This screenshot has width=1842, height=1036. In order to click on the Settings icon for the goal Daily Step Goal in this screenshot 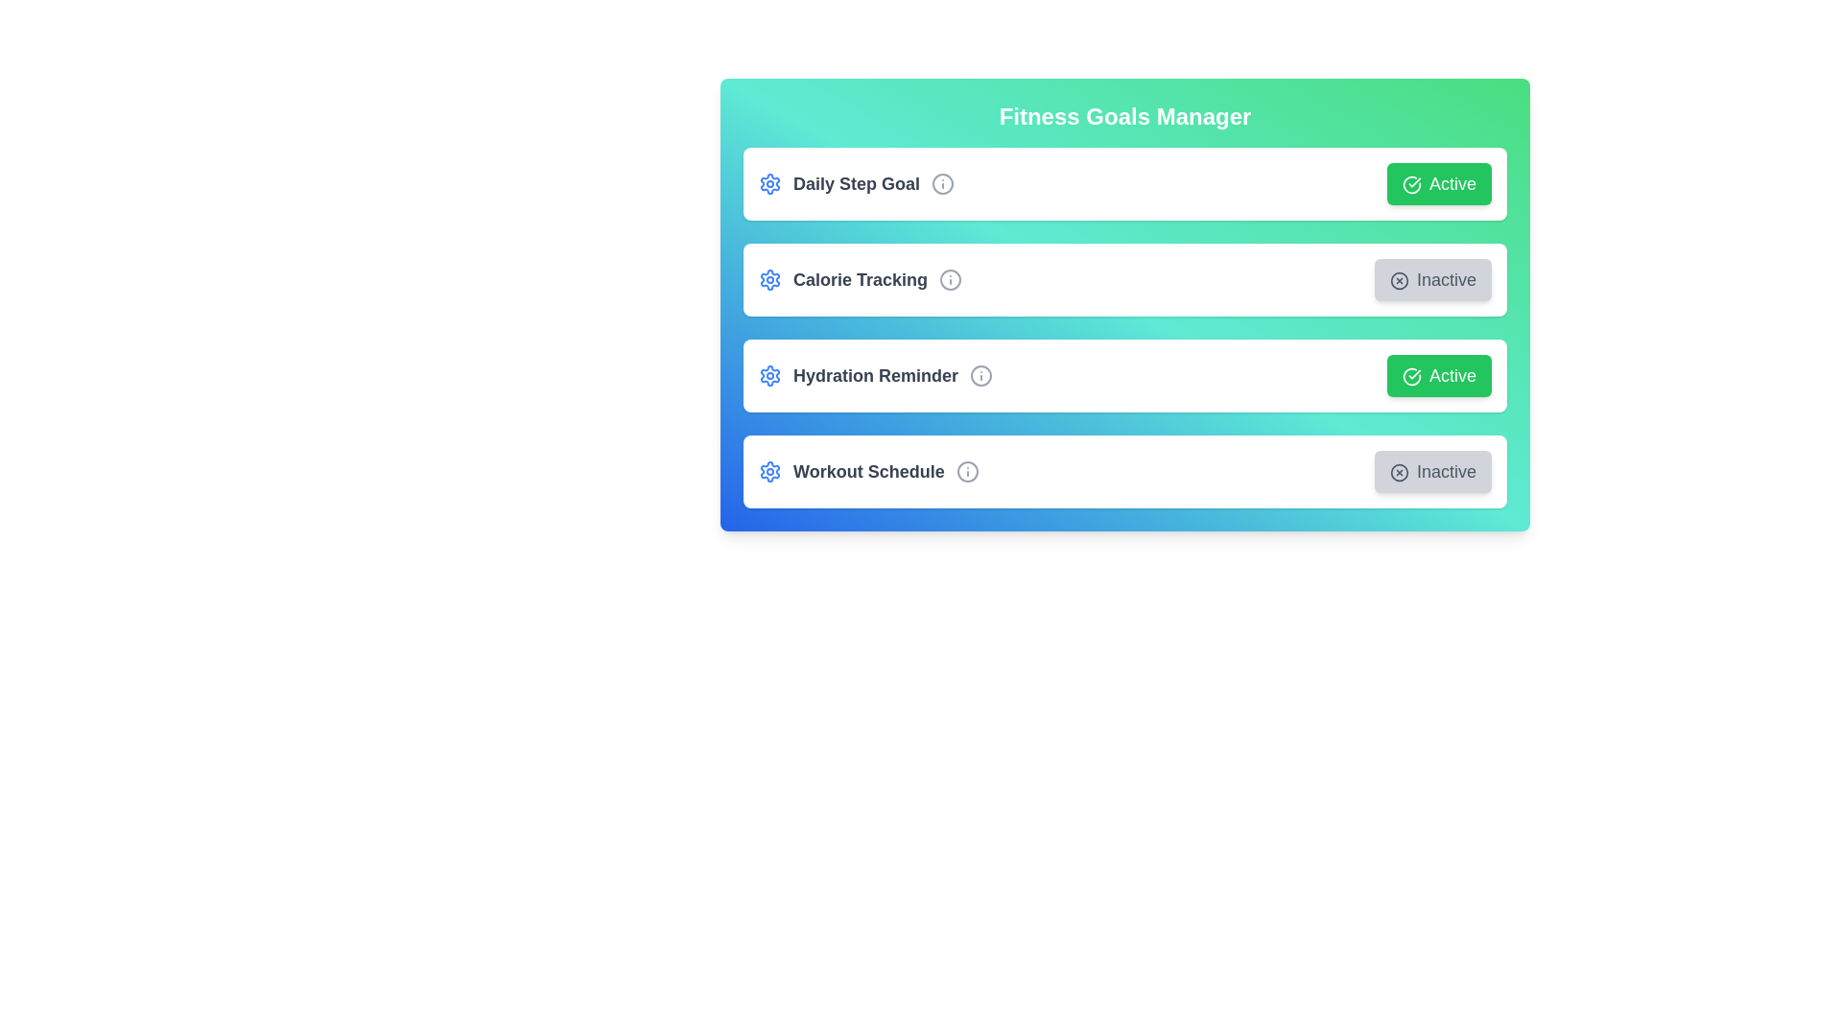, I will do `click(769, 184)`.